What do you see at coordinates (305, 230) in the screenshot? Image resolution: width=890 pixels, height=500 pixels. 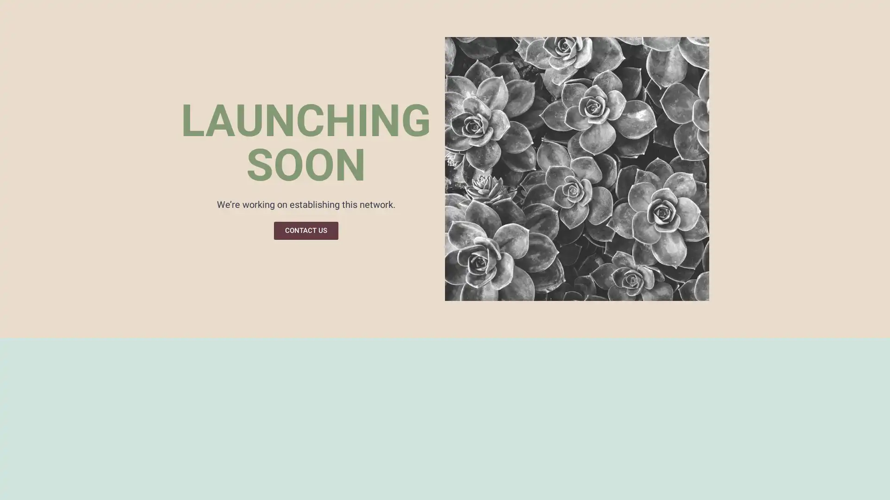 I see `CONTACT US` at bounding box center [305, 230].